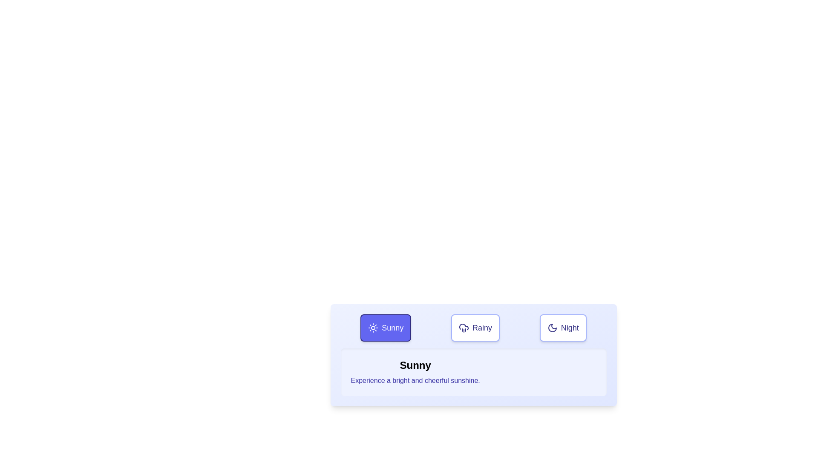  Describe the element at coordinates (373, 328) in the screenshot. I see `the sun icon which is styled with a circular disk and radiating lines, located within the leftmost button labeled 'Sunny' in a row of three buttons` at that location.